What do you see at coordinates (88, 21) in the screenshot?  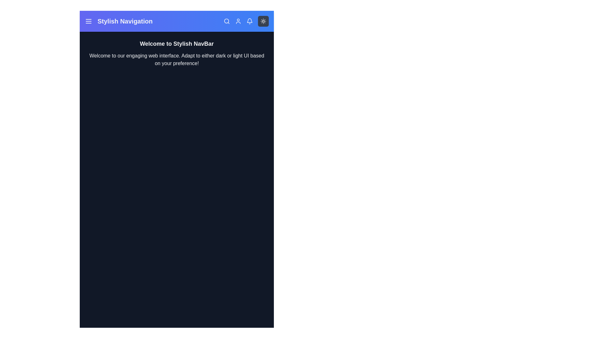 I see `the menu icon in the navigation bar` at bounding box center [88, 21].